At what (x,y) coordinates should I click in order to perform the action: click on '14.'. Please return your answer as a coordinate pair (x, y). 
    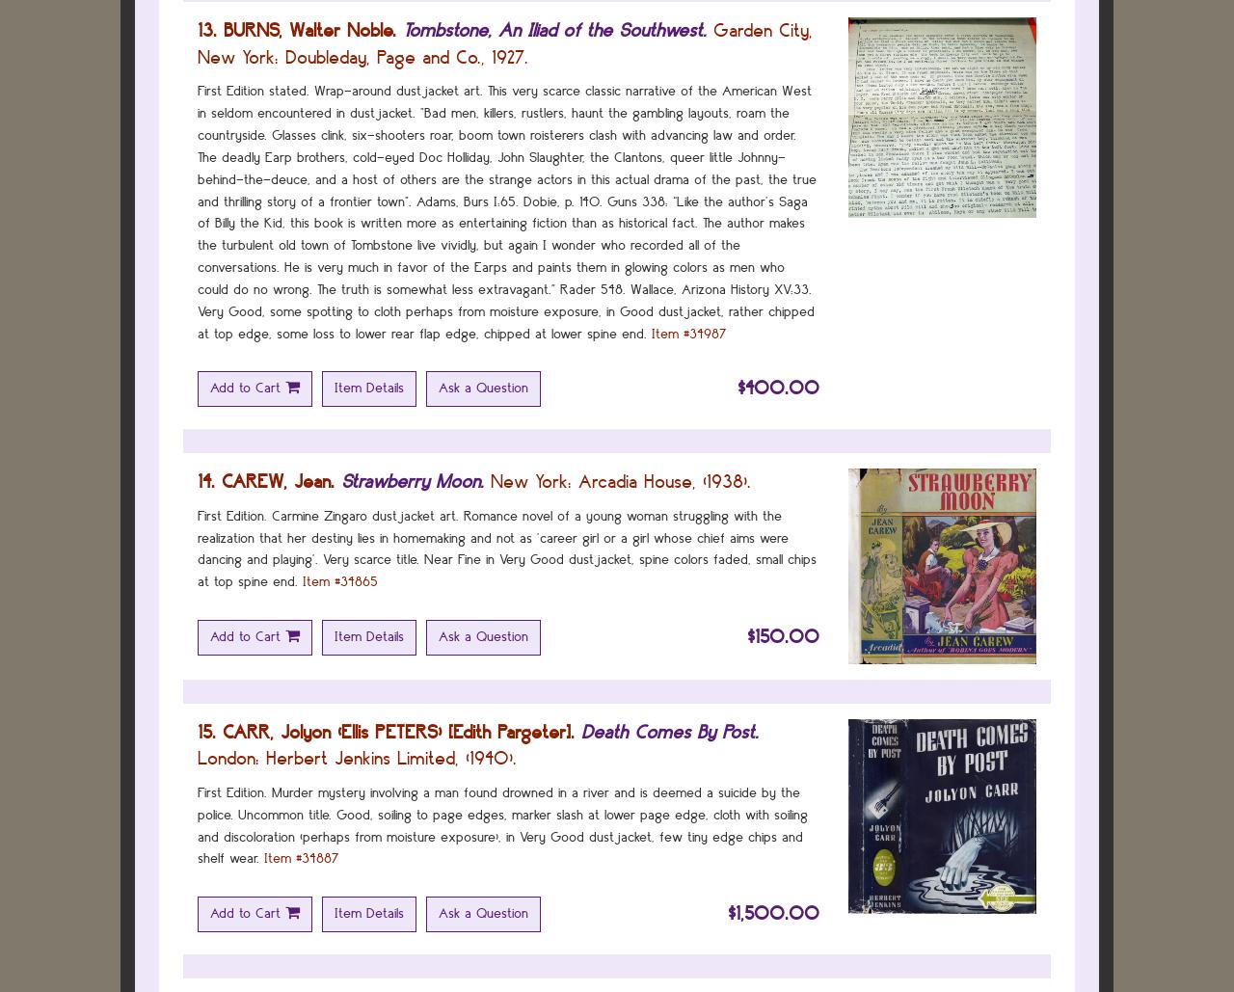
    Looking at the image, I should click on (206, 481).